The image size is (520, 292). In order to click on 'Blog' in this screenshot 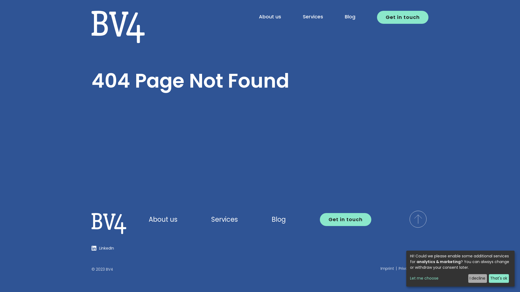, I will do `click(350, 16)`.